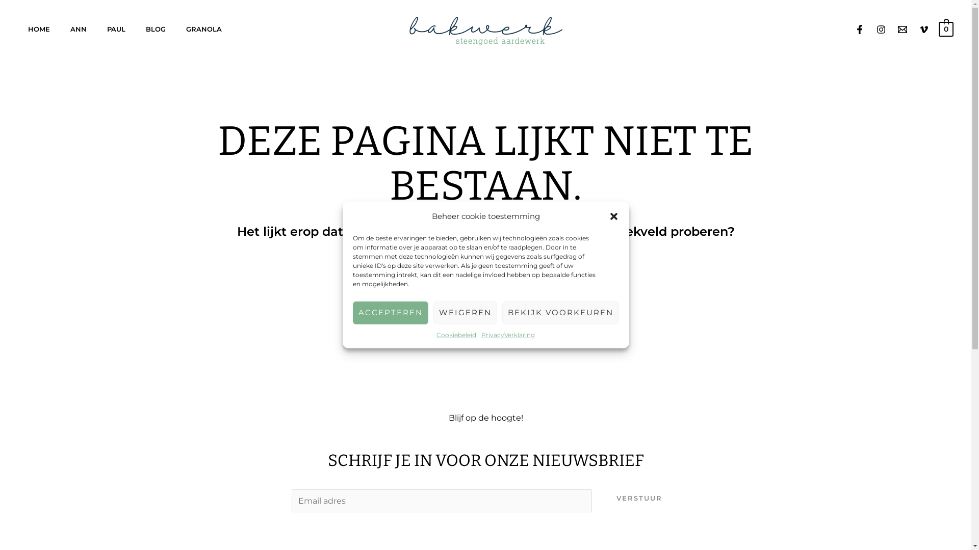  Describe the element at coordinates (508, 335) in the screenshot. I see `'PrivacyVerklaring'` at that location.